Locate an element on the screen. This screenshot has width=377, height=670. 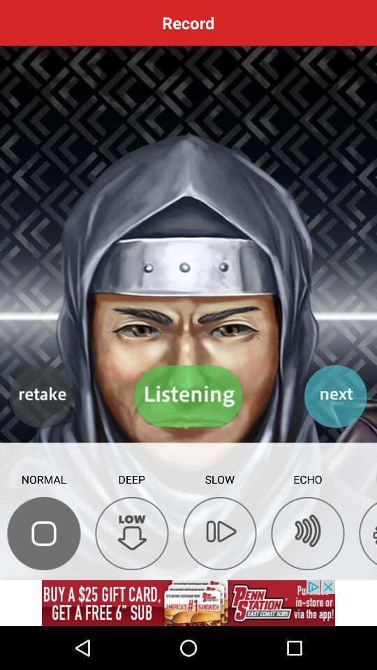
turn echo on is located at coordinates (308, 533).